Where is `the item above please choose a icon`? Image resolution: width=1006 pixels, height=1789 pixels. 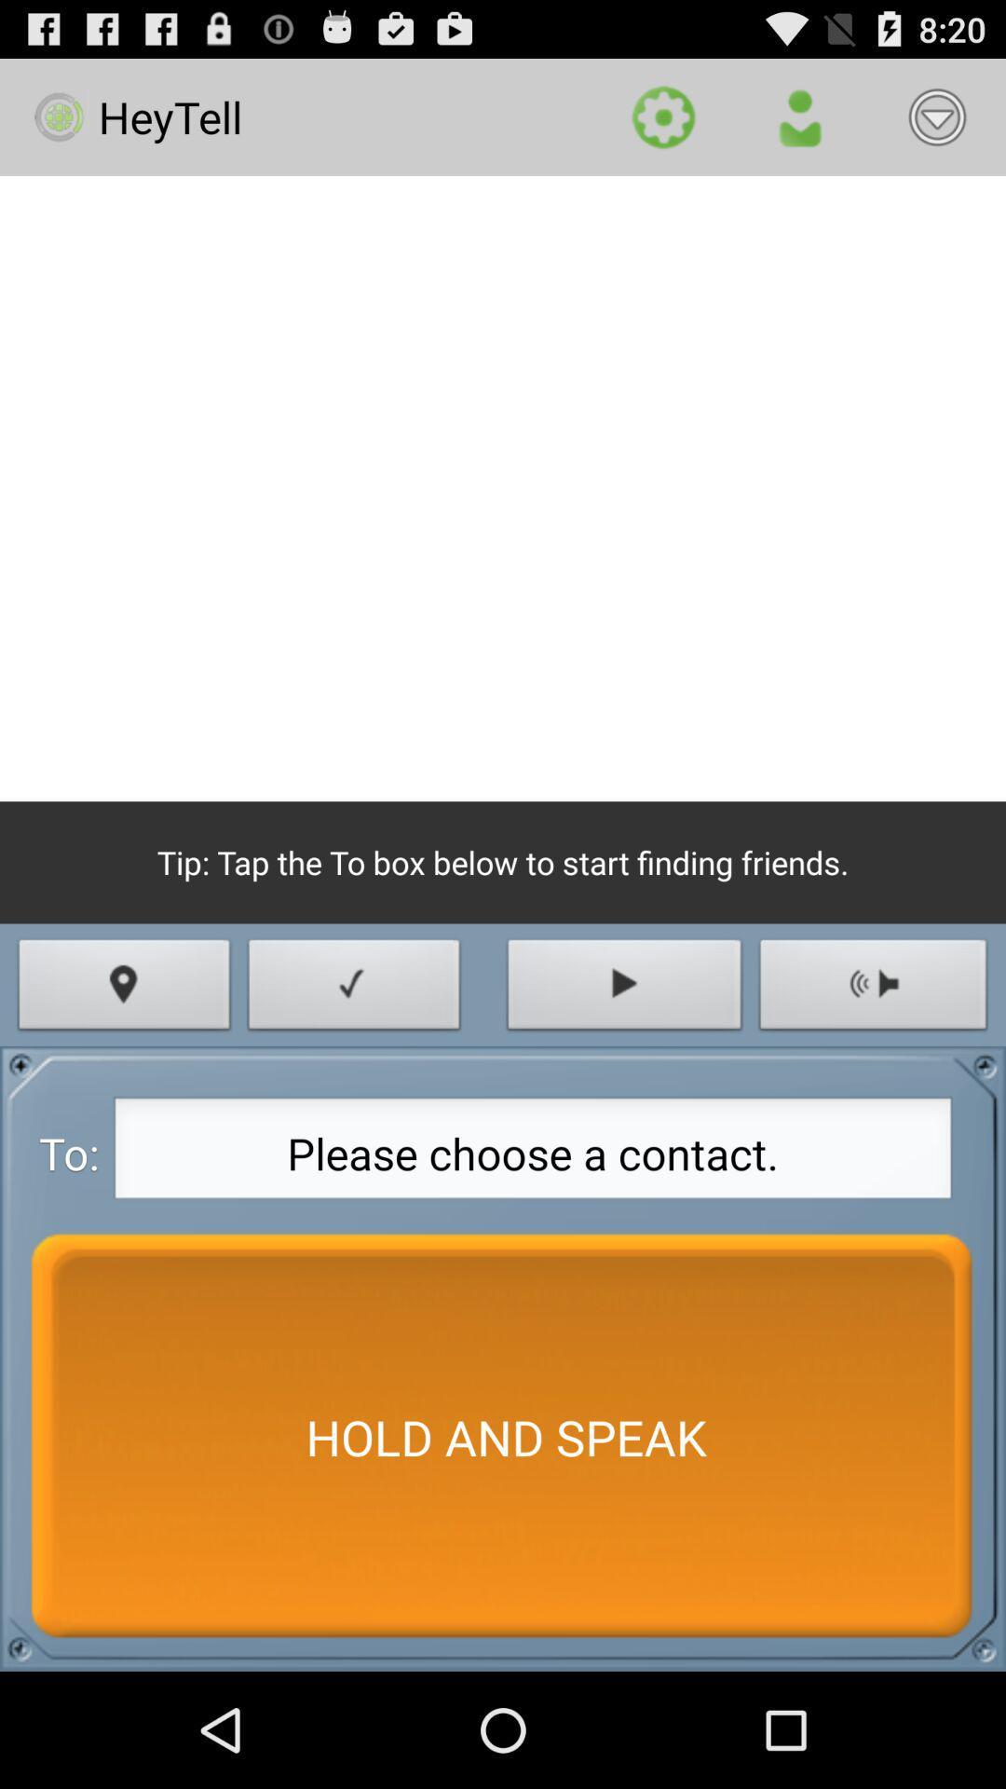
the item above please choose a icon is located at coordinates (124, 989).